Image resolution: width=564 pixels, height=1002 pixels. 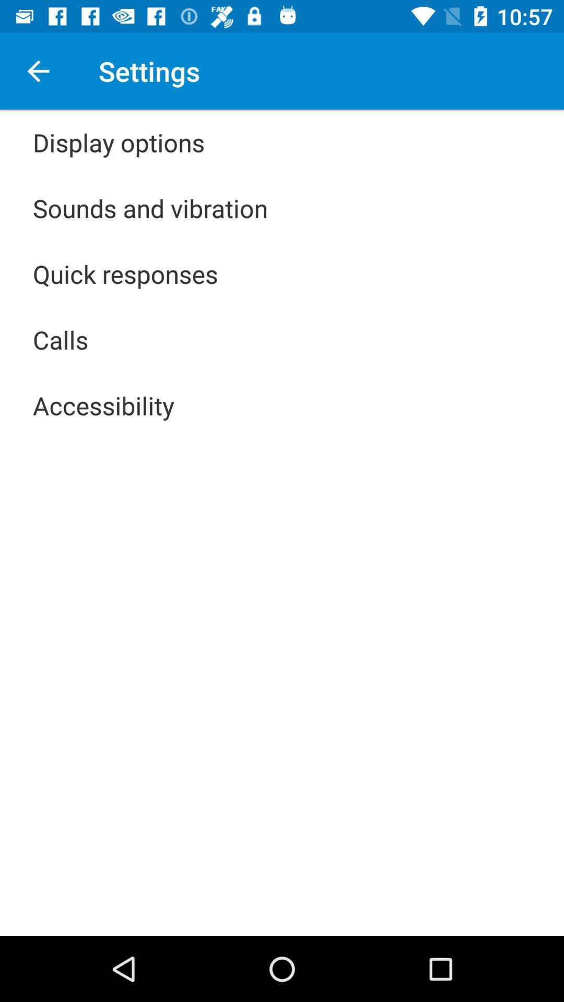 I want to click on the icon below the quick responses, so click(x=61, y=340).